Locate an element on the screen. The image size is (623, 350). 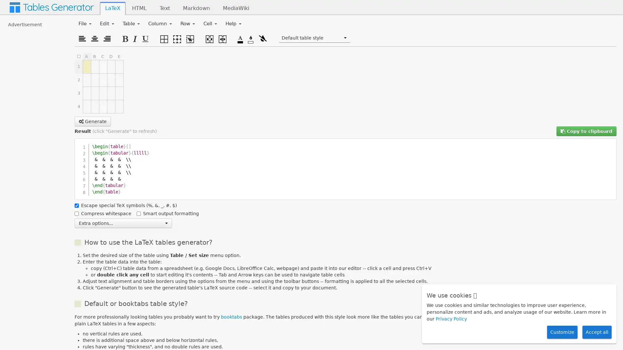
Generate is located at coordinates (92, 121).